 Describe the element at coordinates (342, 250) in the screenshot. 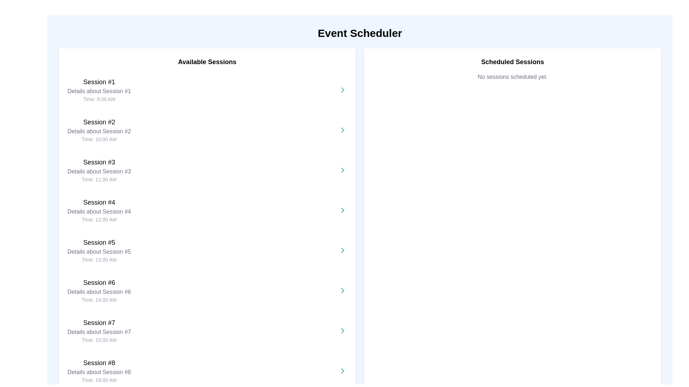

I see `the rightward arrow icon in green color with a bold stroke, located in the 'Available Sessions' section, adjacent to 'Session #5' details` at that location.